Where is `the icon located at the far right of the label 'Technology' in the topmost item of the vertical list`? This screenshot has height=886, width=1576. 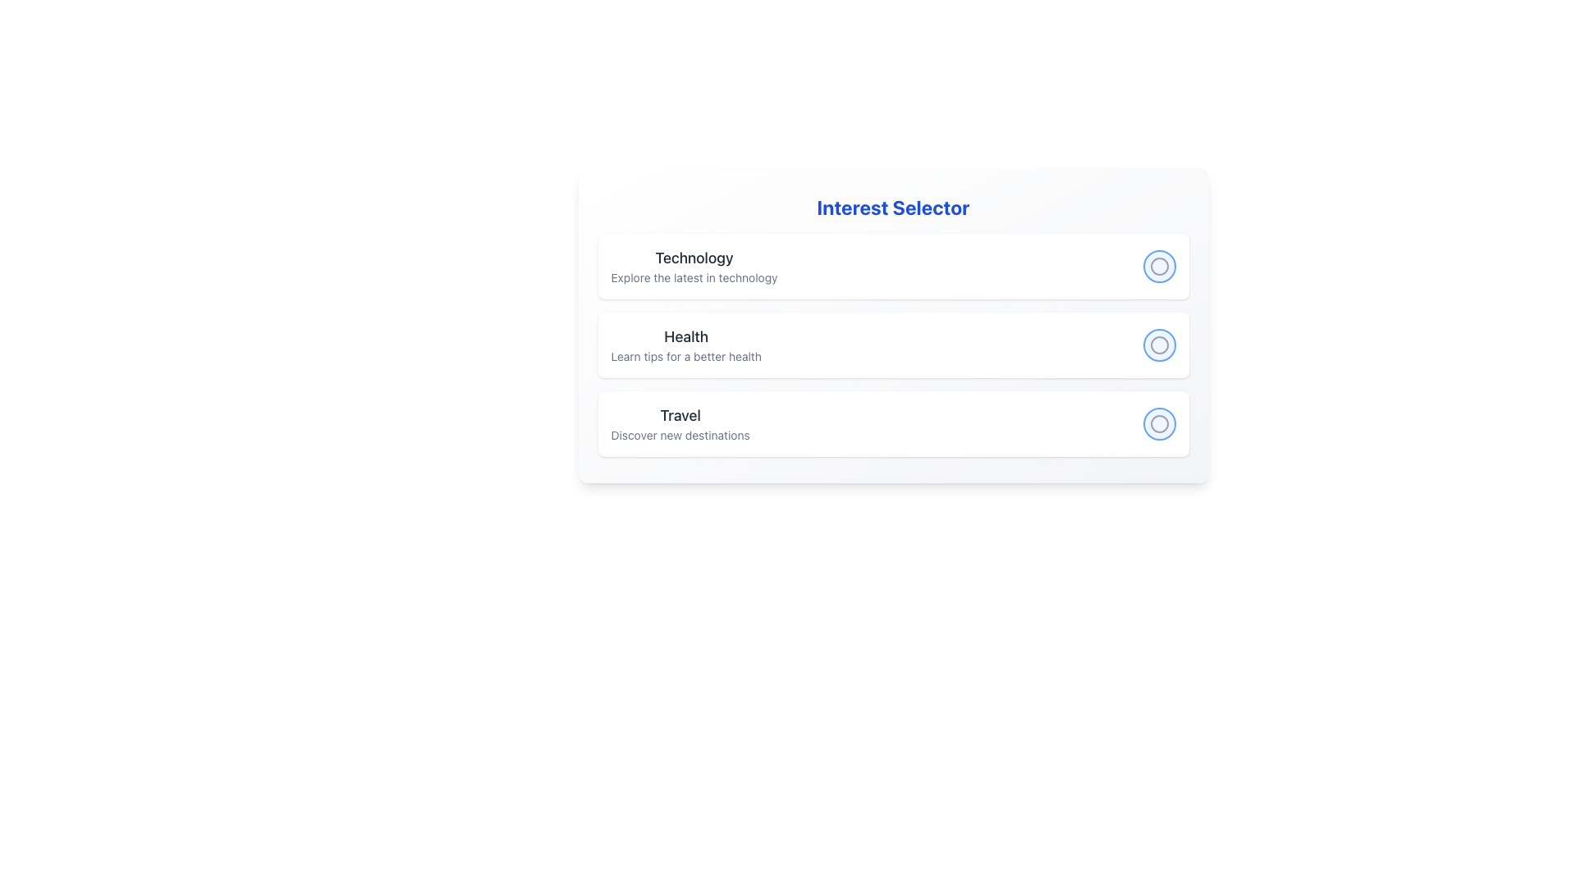
the icon located at the far right of the label 'Technology' in the topmost item of the vertical list is located at coordinates (1158, 265).